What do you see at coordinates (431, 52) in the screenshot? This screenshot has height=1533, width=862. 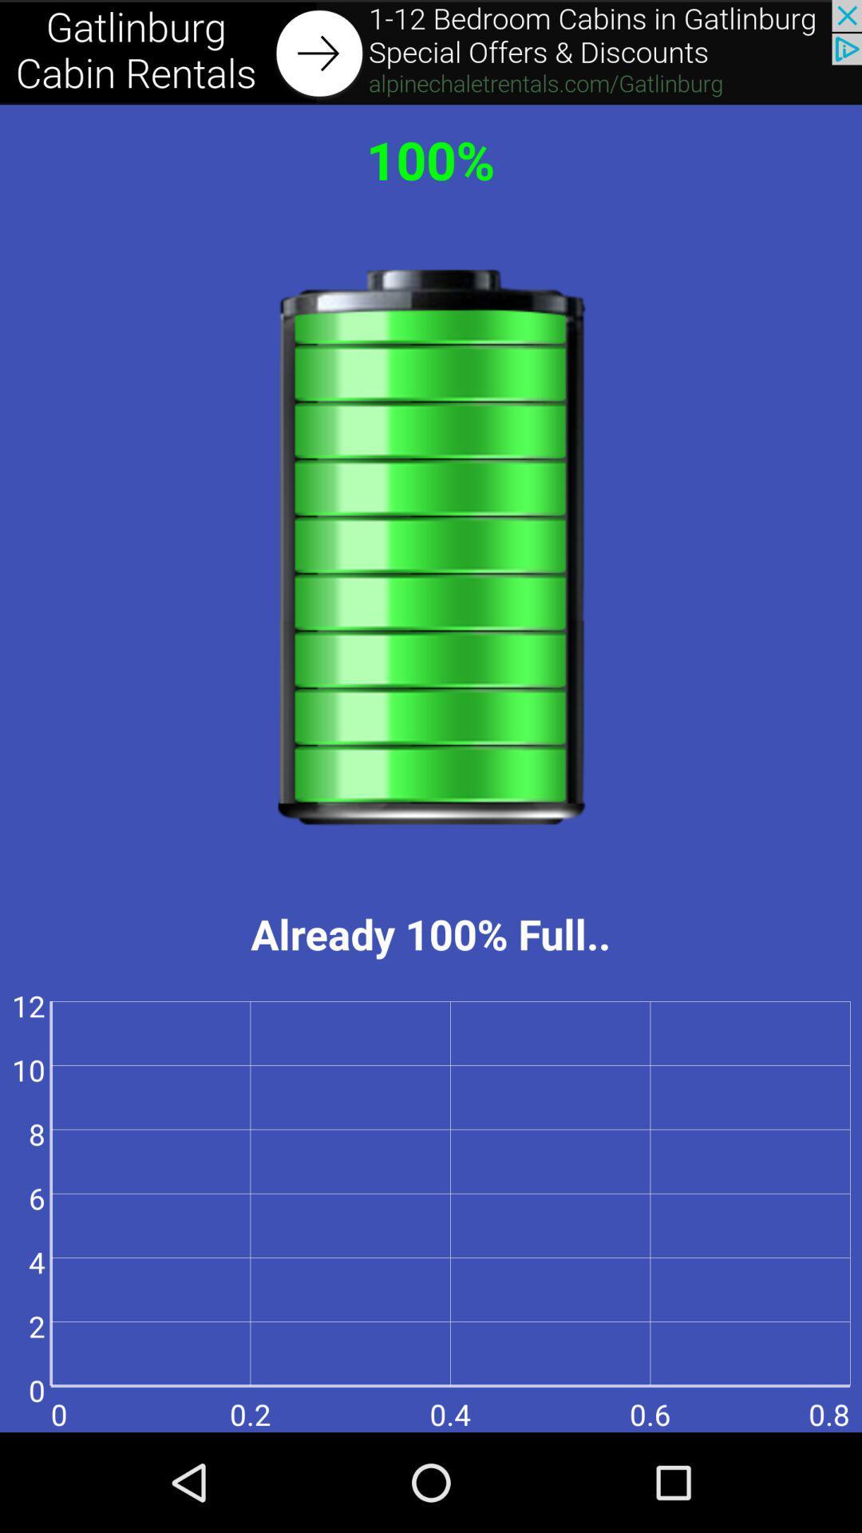 I see `go back` at bounding box center [431, 52].